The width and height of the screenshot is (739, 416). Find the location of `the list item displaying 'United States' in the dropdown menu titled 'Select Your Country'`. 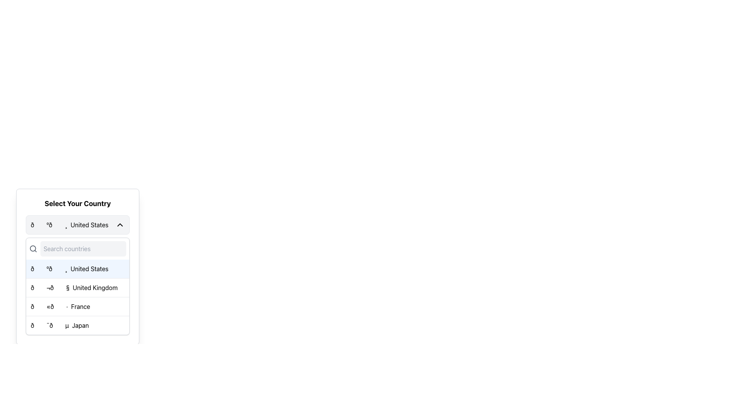

the list item displaying 'United States' in the dropdown menu titled 'Select Your Country' is located at coordinates (77, 268).